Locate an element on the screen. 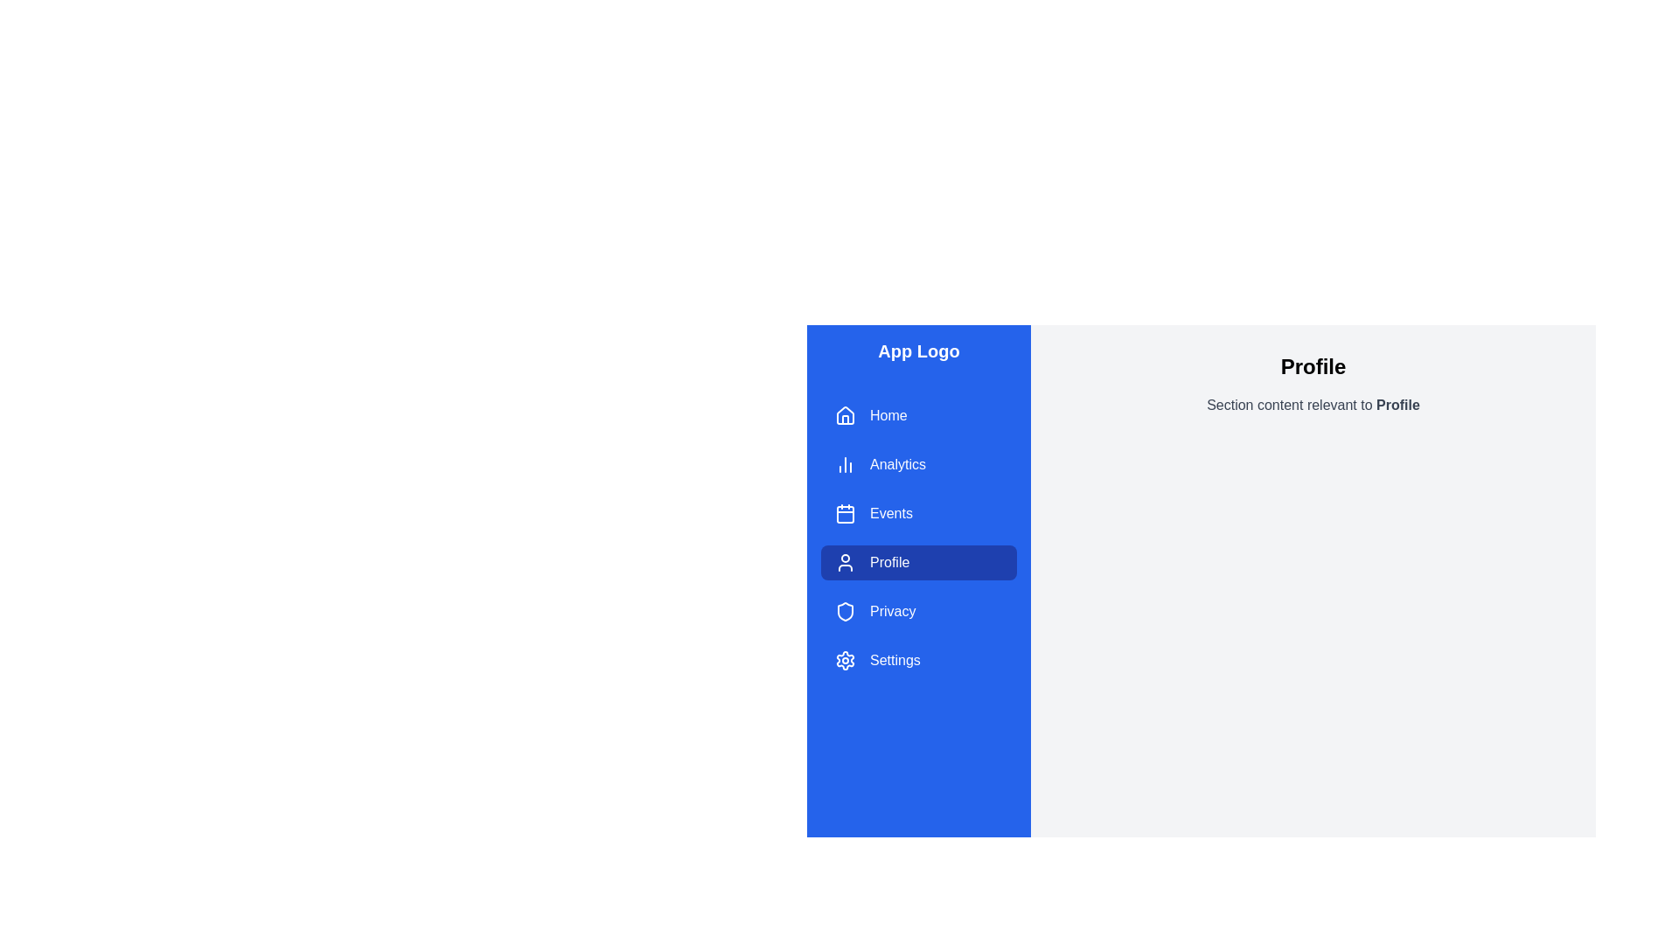 Image resolution: width=1679 pixels, height=944 pixels. the 'Events' icon in the navigation sidebar is located at coordinates (845, 512).